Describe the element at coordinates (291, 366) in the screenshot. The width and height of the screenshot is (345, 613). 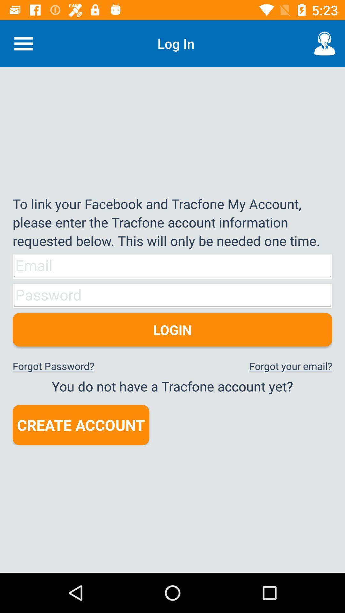
I see `the item below the login` at that location.